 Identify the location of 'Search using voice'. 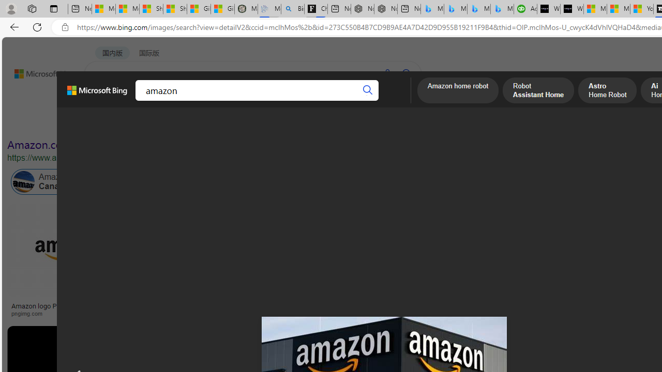
(386, 73).